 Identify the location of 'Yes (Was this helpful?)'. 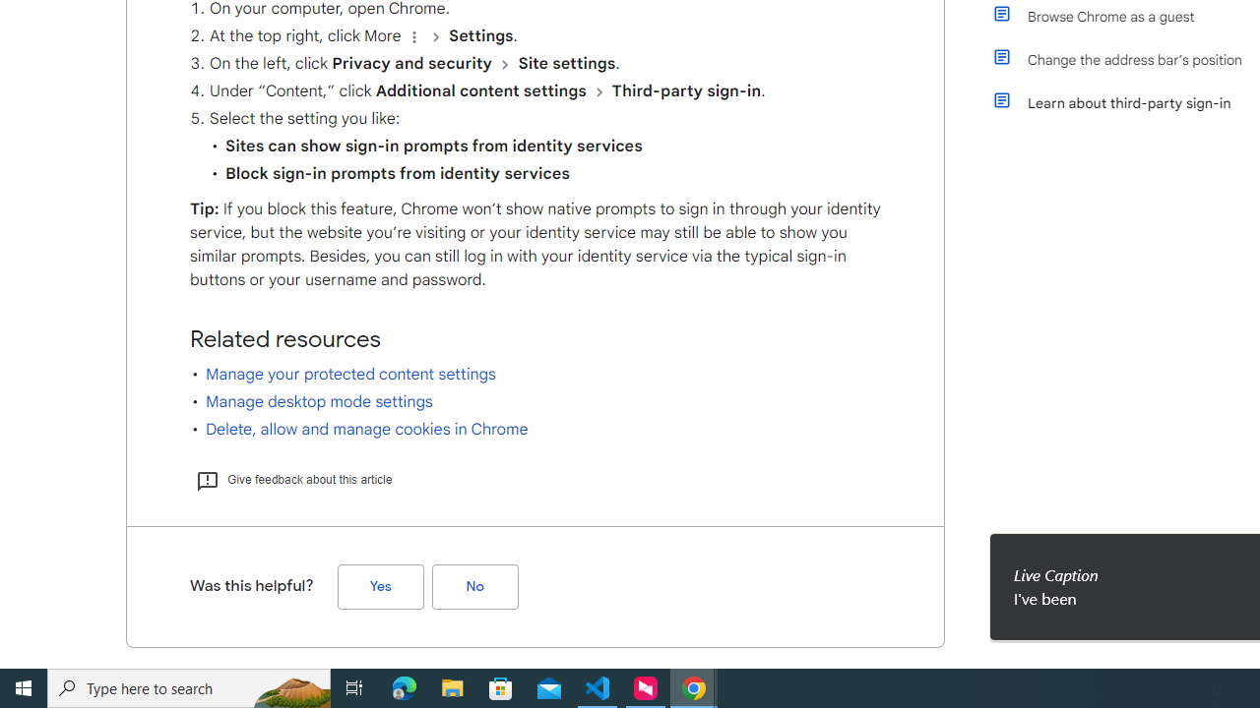
(380, 585).